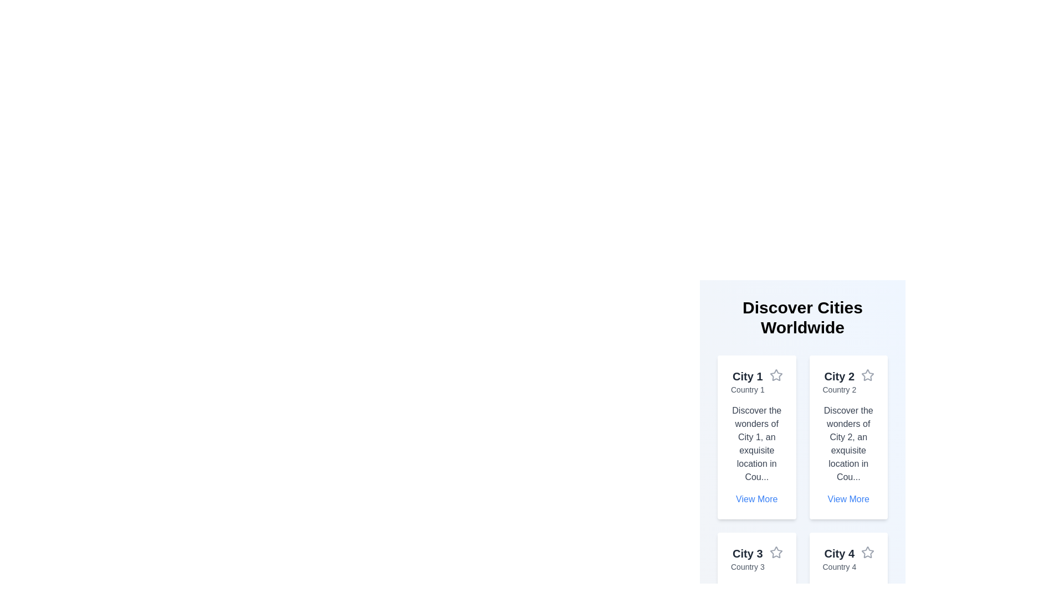 This screenshot has width=1064, height=598. I want to click on the text label displaying 'City 1' in bold font, located at the top of the card titled 'City 1 Country 1', so click(748, 375).